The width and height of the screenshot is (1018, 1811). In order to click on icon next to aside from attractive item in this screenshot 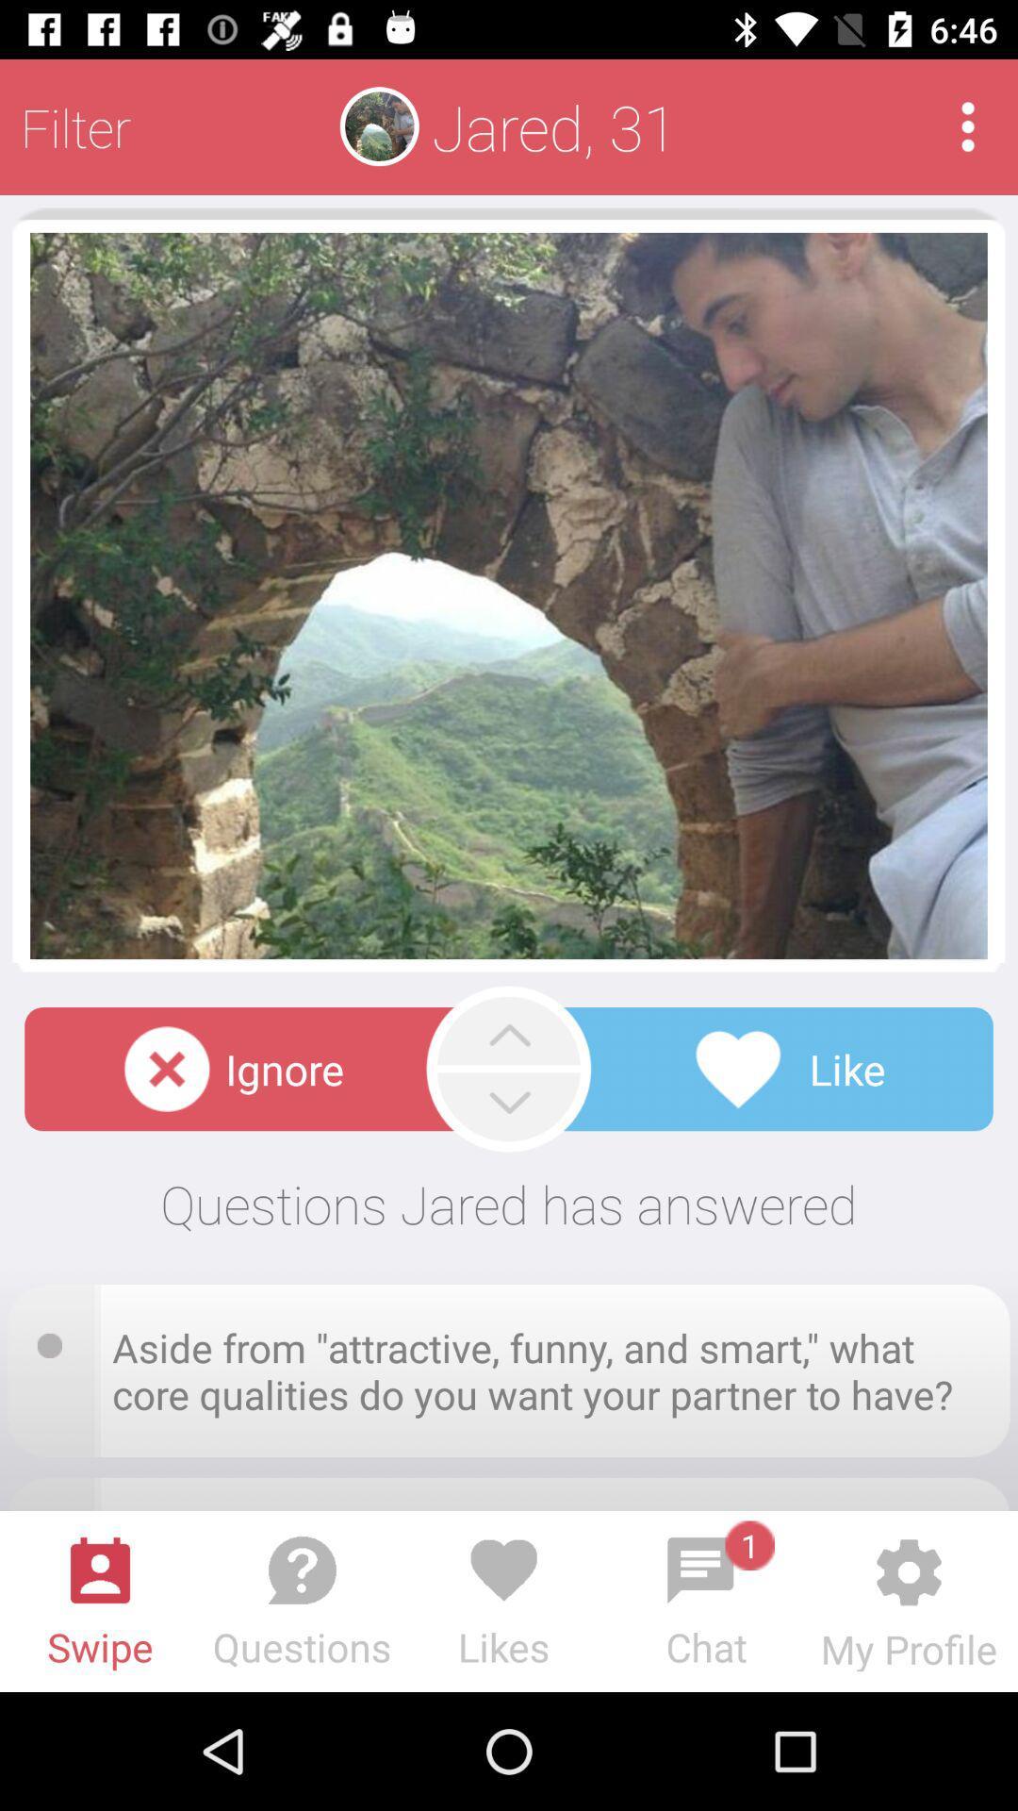, I will do `click(55, 1338)`.